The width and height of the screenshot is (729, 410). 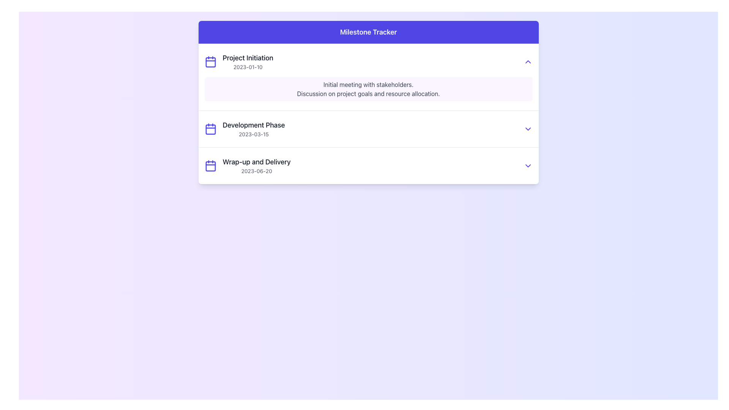 I want to click on the button that expands or collapses additional details related to the 'Wrap-up and Delivery' milestone, located near the bottom of the milestone list and to the right of the 'Wrap-up and Delivery' text and date, so click(x=527, y=165).